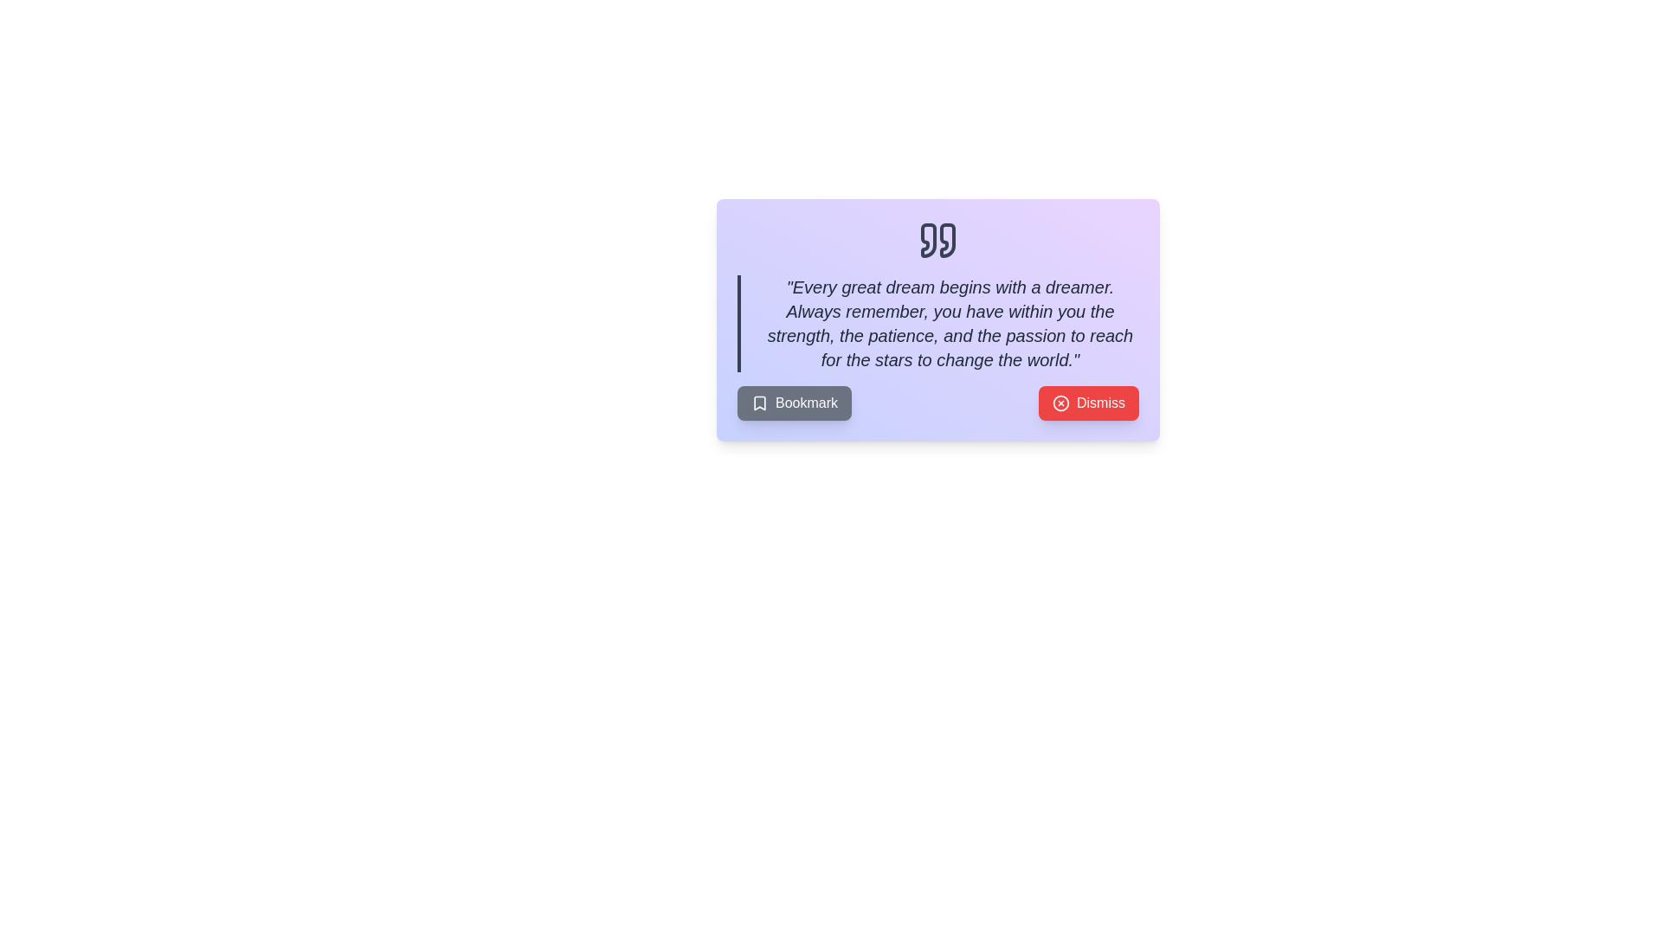 This screenshot has width=1662, height=935. Describe the element at coordinates (1087, 403) in the screenshot. I see `the 'Dismiss' button, which is the second button in a horizontal layout to the right of the 'Bookmark' button` at that location.